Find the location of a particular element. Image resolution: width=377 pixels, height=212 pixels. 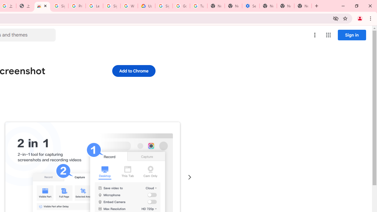

'Who are Google' is located at coordinates (129, 6).